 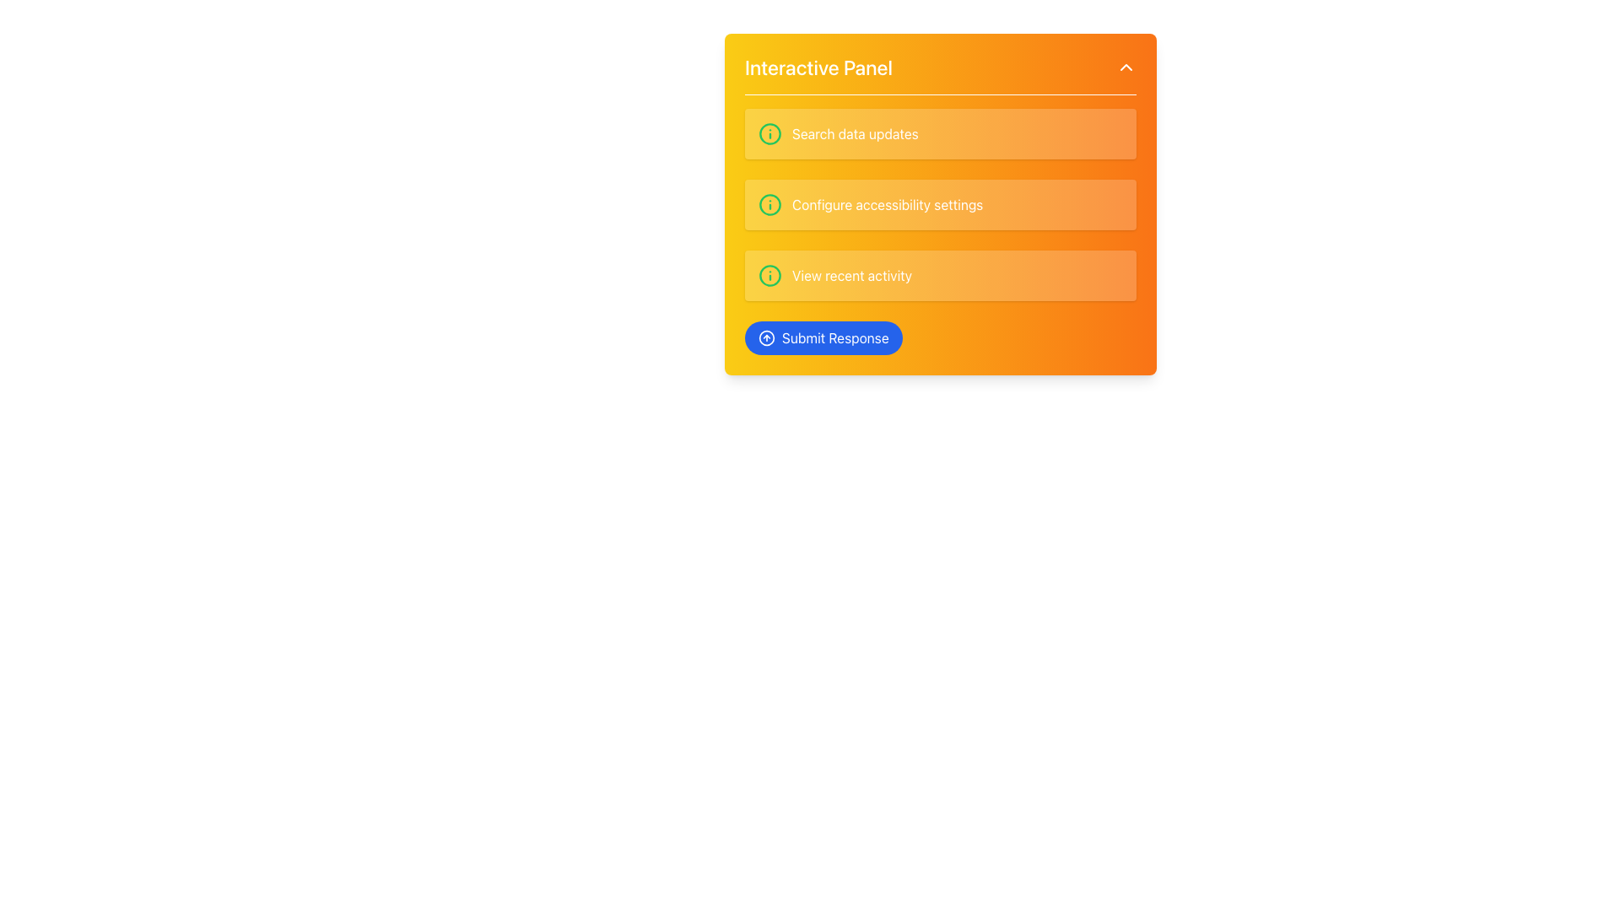 I want to click on the circular icon with a green border and an information symbol, positioned to the left of the text 'Search data updates' in the 'Interactive Panel', so click(x=769, y=132).